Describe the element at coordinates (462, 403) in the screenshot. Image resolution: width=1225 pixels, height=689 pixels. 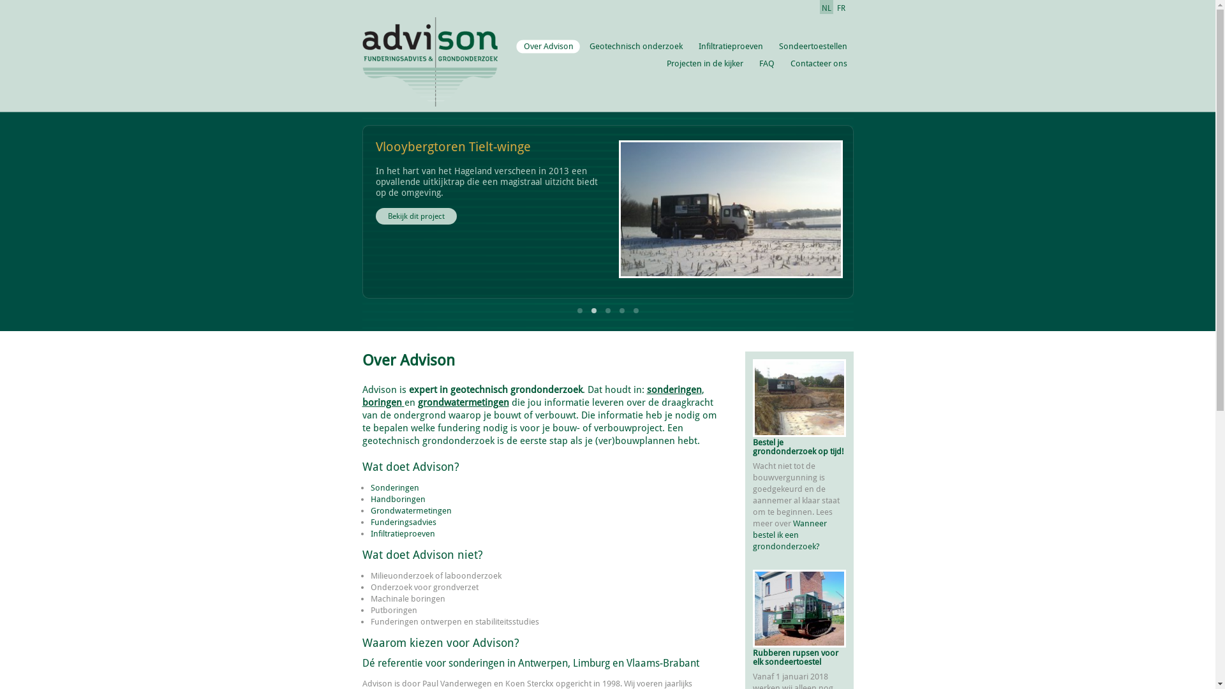
I see `'grondwatermetingen'` at that location.